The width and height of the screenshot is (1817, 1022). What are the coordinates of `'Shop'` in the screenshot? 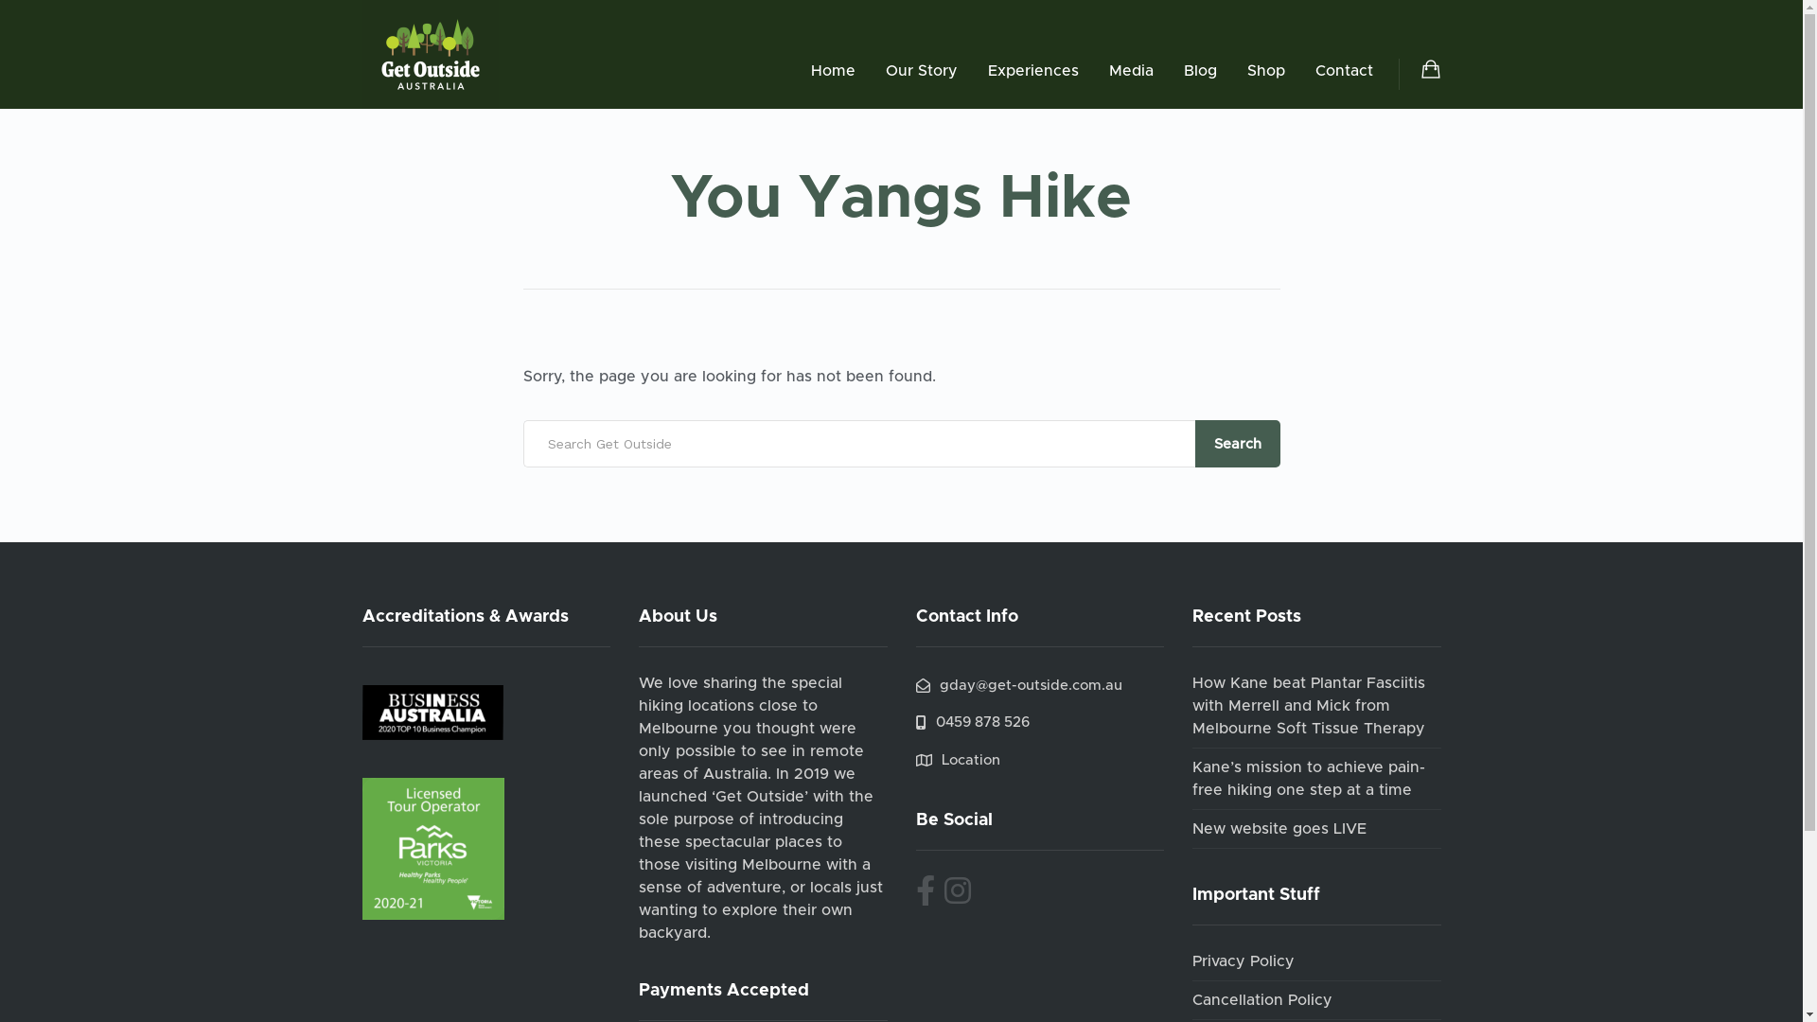 It's located at (1266, 69).